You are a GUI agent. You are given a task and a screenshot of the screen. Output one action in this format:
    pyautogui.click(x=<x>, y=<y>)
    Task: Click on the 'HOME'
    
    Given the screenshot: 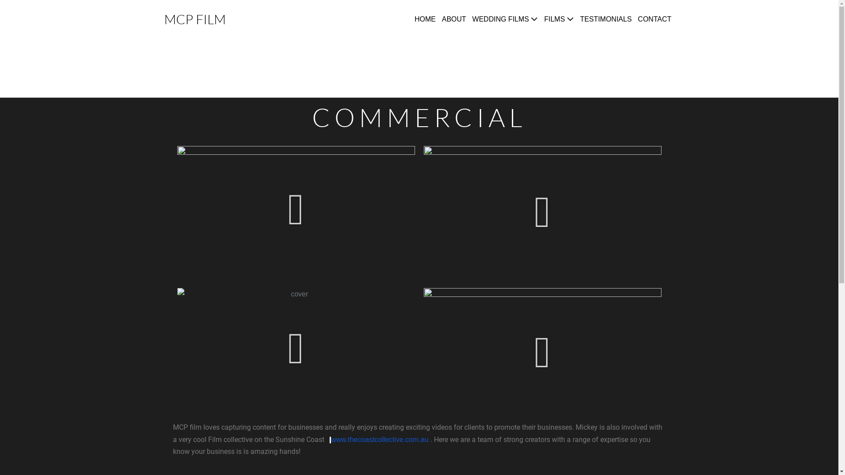 What is the action you would take?
    pyautogui.click(x=425, y=19)
    